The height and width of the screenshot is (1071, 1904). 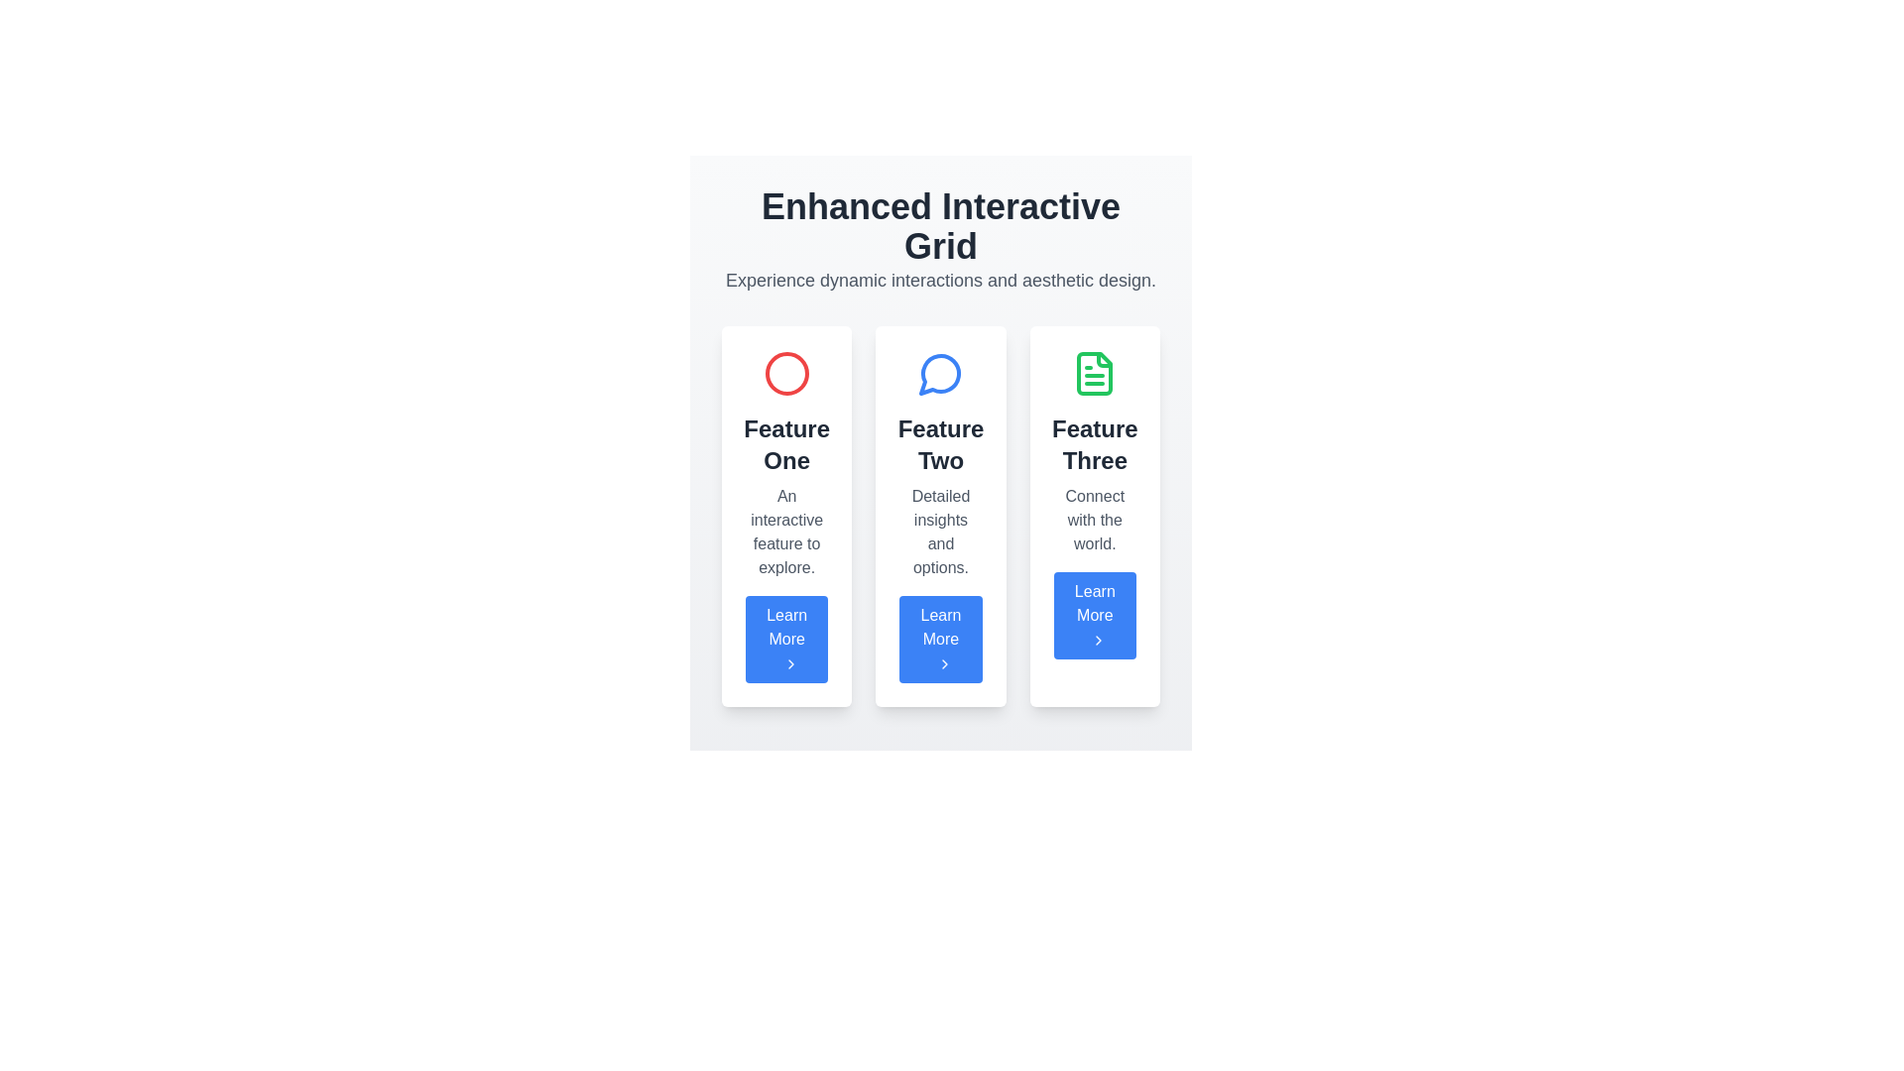 What do you see at coordinates (940, 531) in the screenshot?
I see `the static text element that contains the content 'Detailed insights and options', which is styled in a small, subdued gray font and is positioned between the heading 'Feature Two' and the button 'Learn More'` at bounding box center [940, 531].